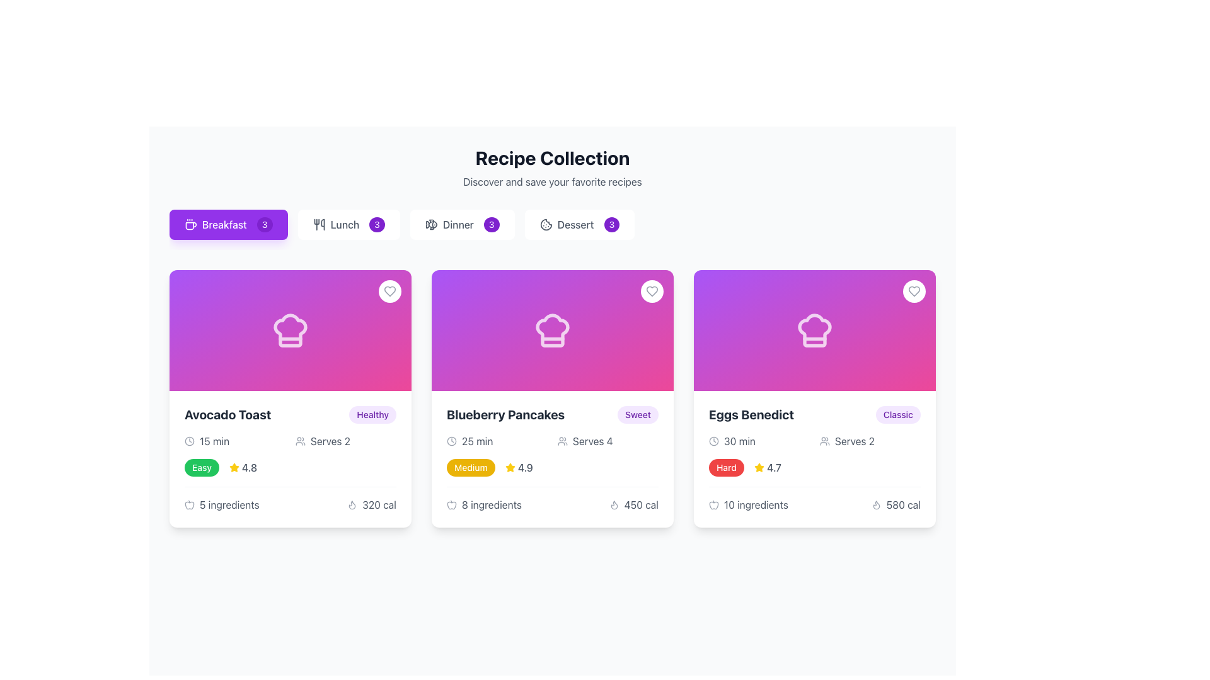 The height and width of the screenshot is (680, 1210). I want to click on the text components "25 min" and "Serves 4" with their associated icons in the card for "Blueberry Pancakes", so click(553, 441).